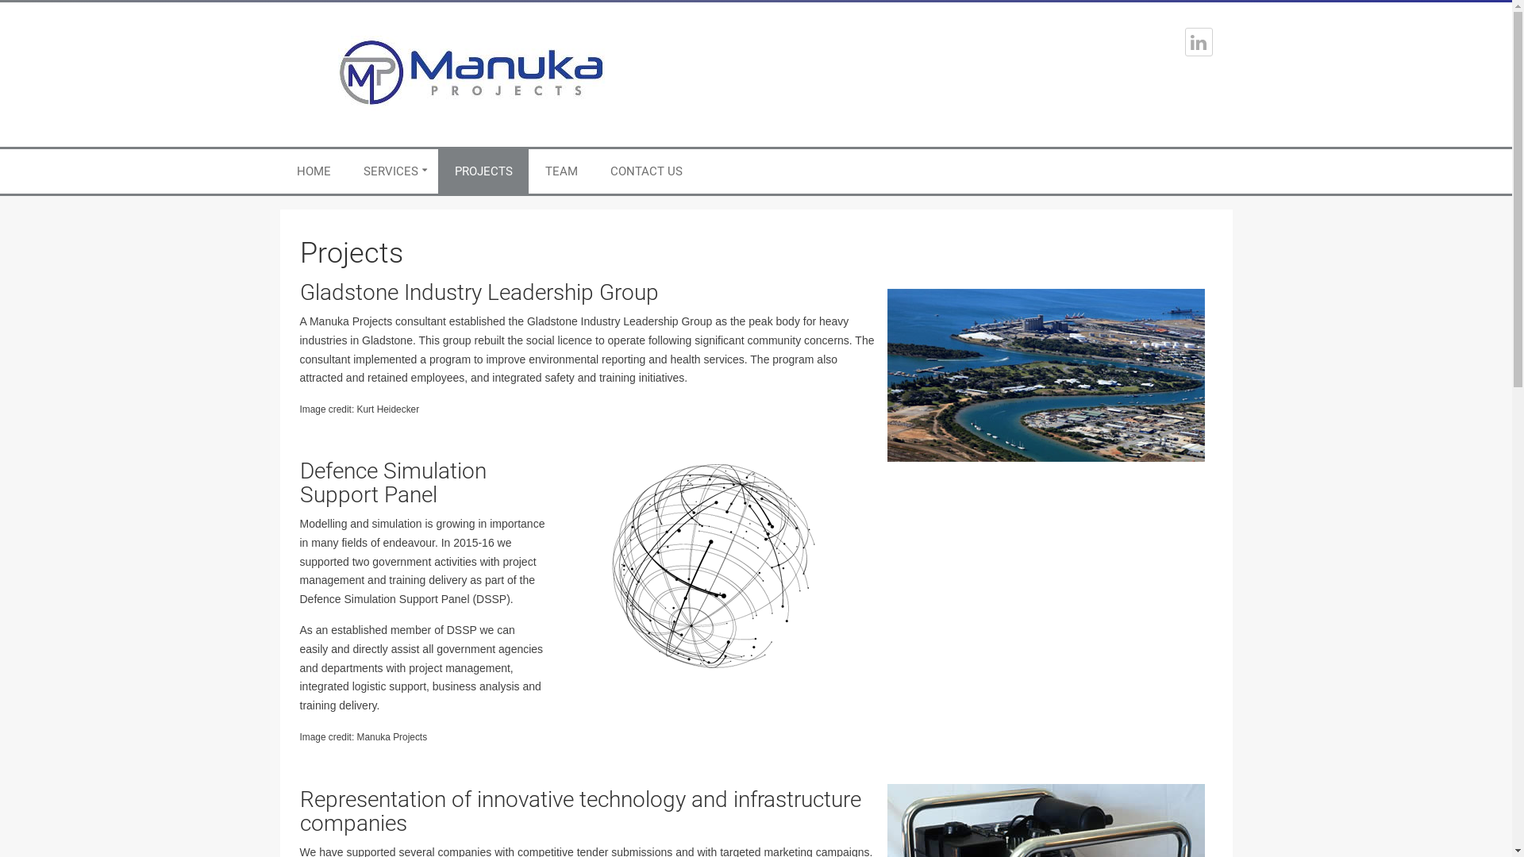 The height and width of the screenshot is (857, 1524). I want to click on 'CONTACT US', so click(645, 171).